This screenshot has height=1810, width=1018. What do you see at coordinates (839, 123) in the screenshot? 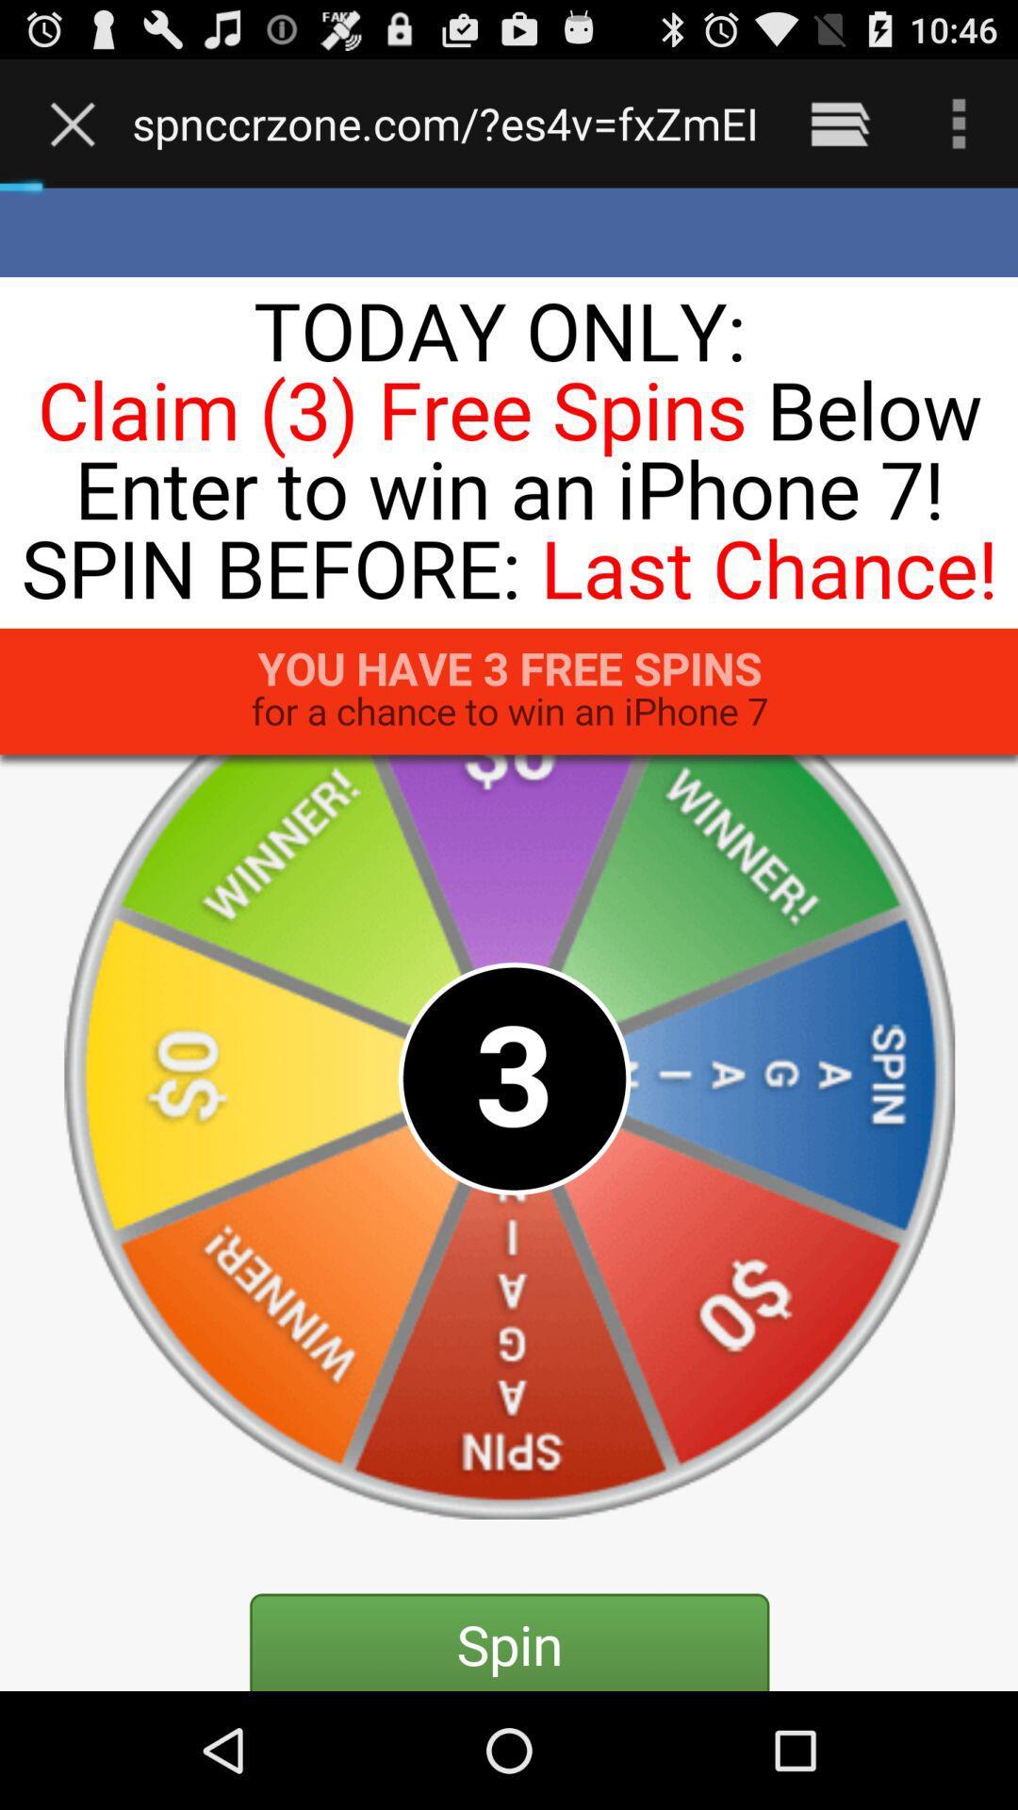
I see `item next to www electronicproductzone com item` at bounding box center [839, 123].